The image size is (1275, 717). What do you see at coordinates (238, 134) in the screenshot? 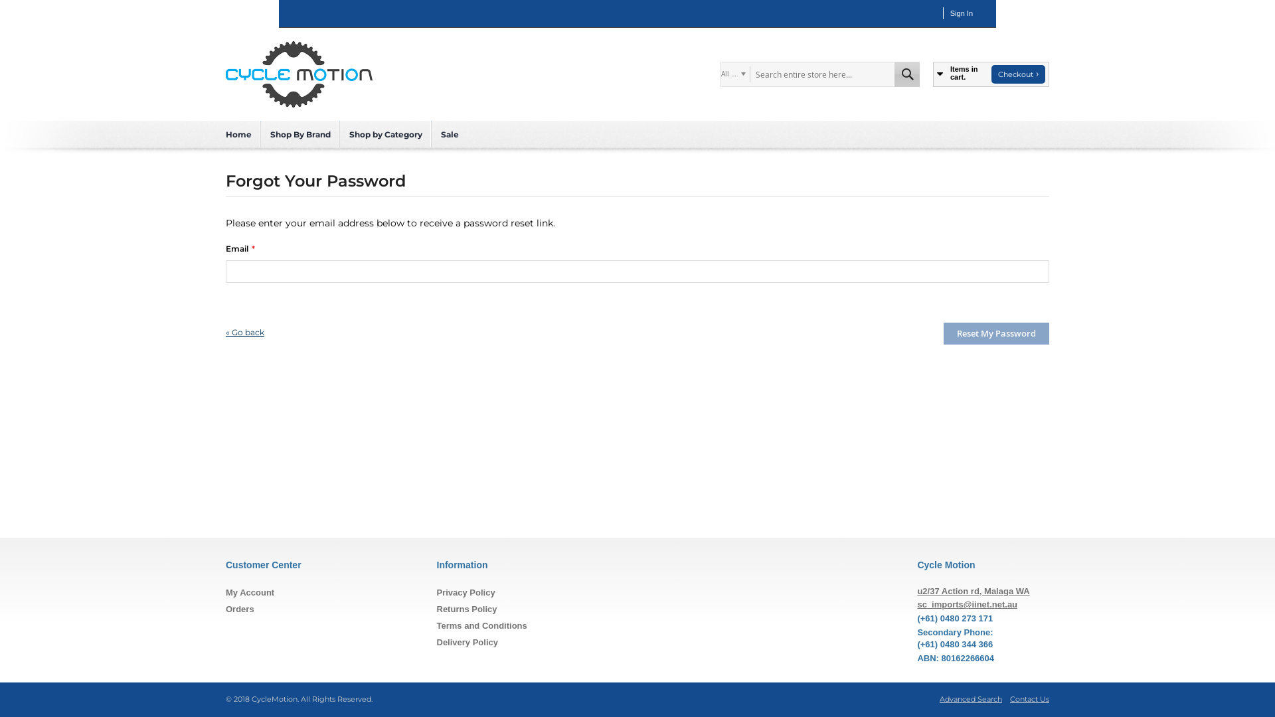
I see `'Home'` at bounding box center [238, 134].